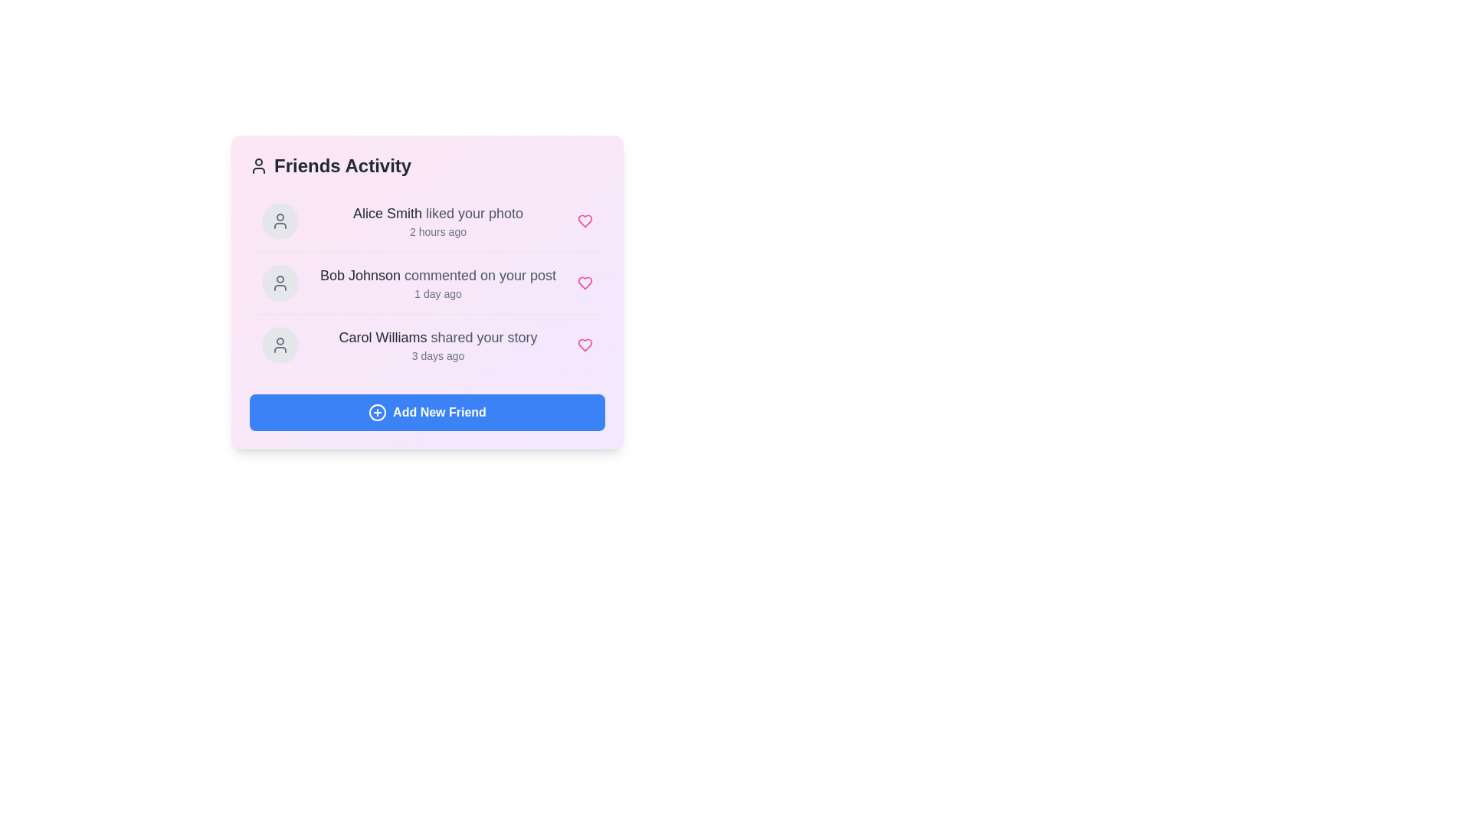  I want to click on the user activity item corresponding to Bob Johnson to view its details, so click(427, 283).